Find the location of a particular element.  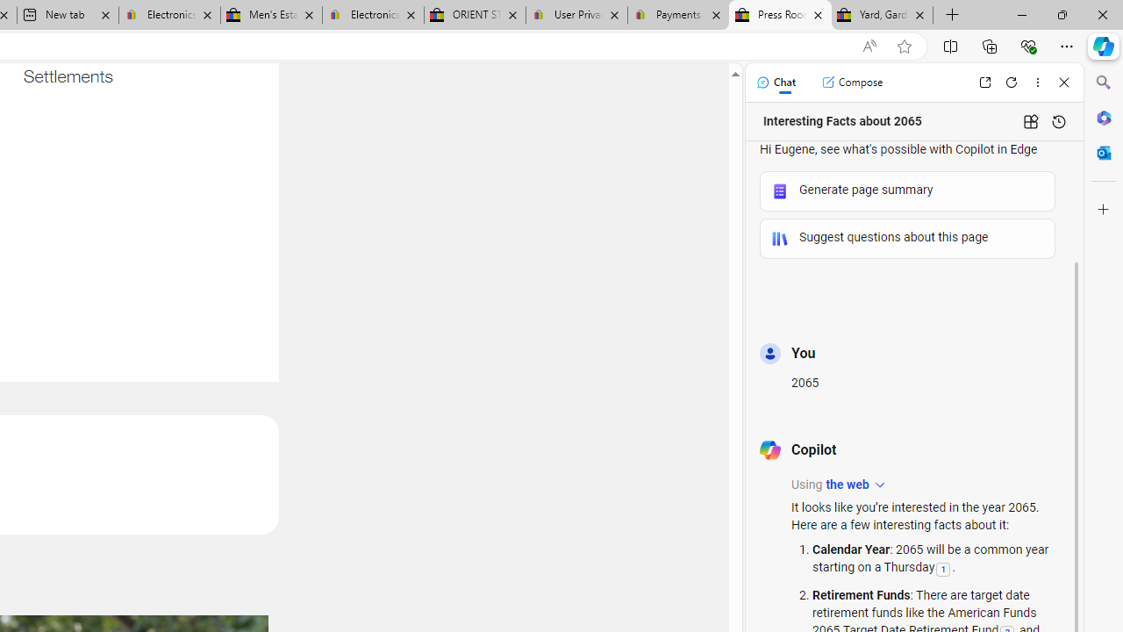

'User Privacy Notice | eBay' is located at coordinates (576, 15).